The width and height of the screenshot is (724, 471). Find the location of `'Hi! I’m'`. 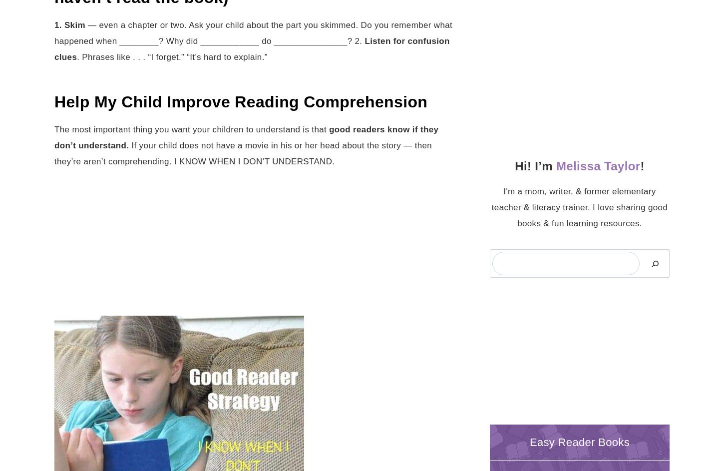

'Hi! I’m' is located at coordinates (535, 165).